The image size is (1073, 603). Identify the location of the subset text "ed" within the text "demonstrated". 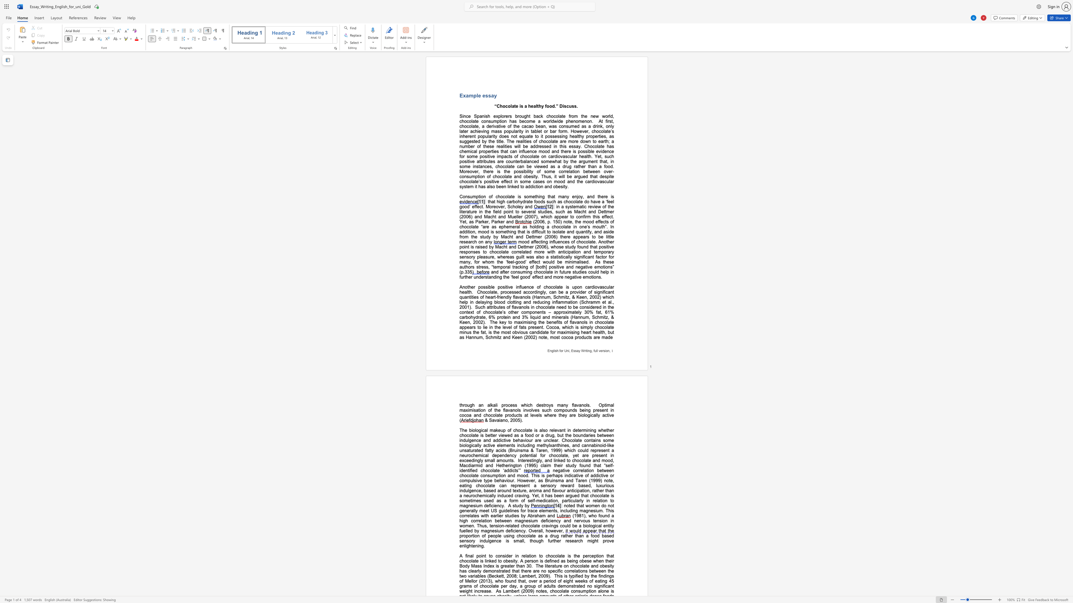
(505, 571).